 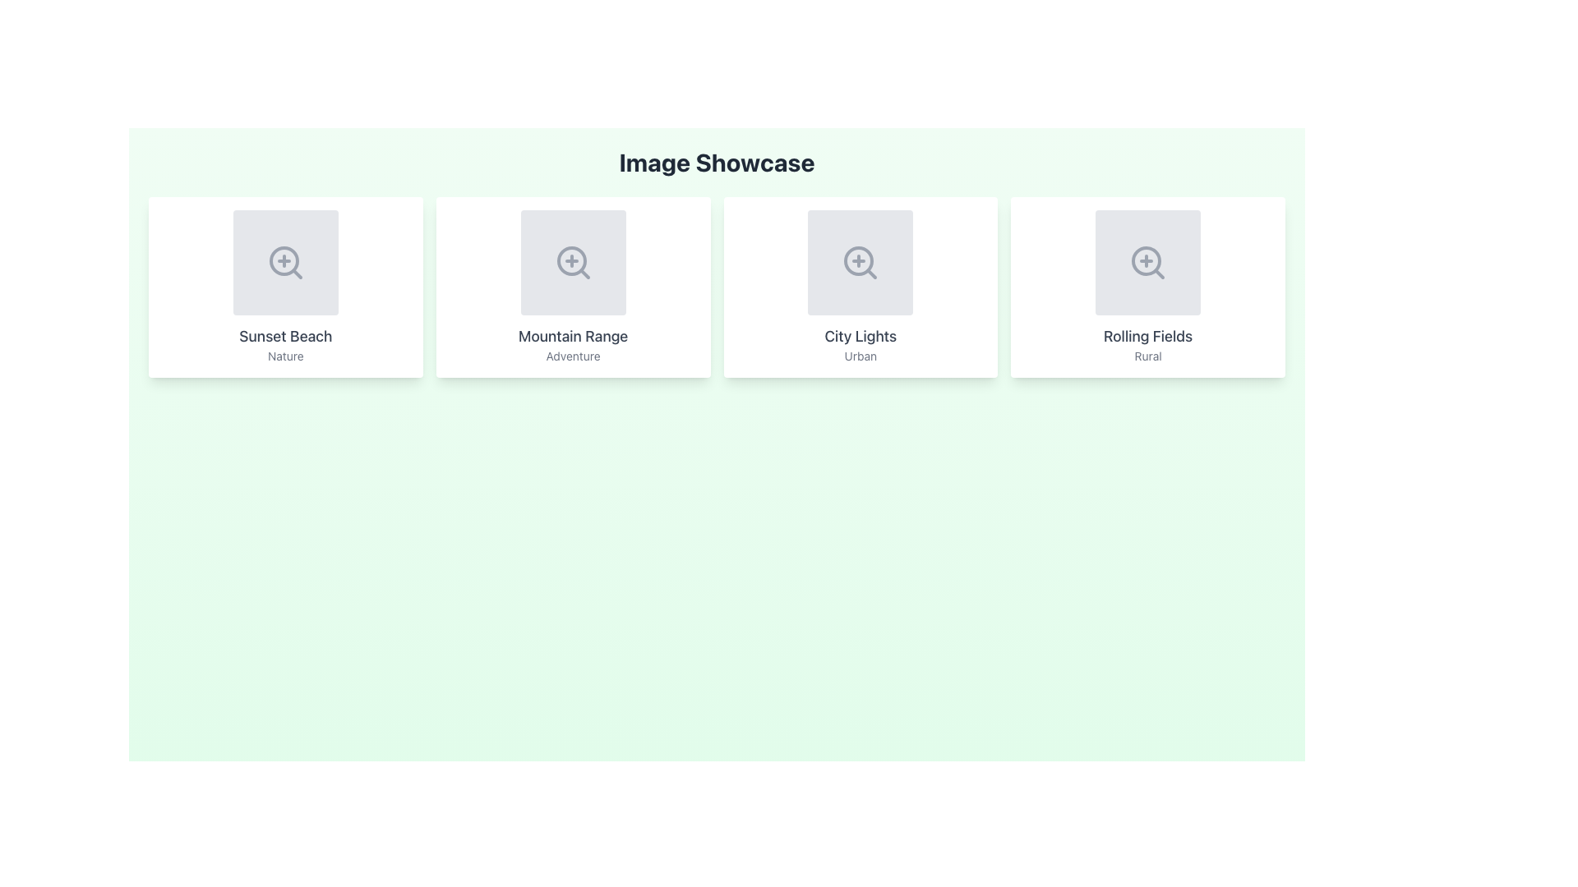 I want to click on the diagonal line of the magnifying glass icon within the 'Mountain Range' image card, so click(x=584, y=273).